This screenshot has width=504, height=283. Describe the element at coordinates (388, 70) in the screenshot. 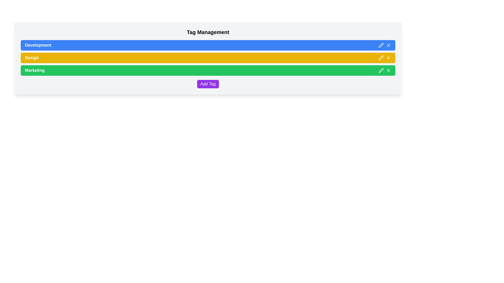

I see `the small cross-shaped icon with rounded edges, which is white against a green background, located on the third row of the list-like interface next to the green 'Marketing' label` at that location.